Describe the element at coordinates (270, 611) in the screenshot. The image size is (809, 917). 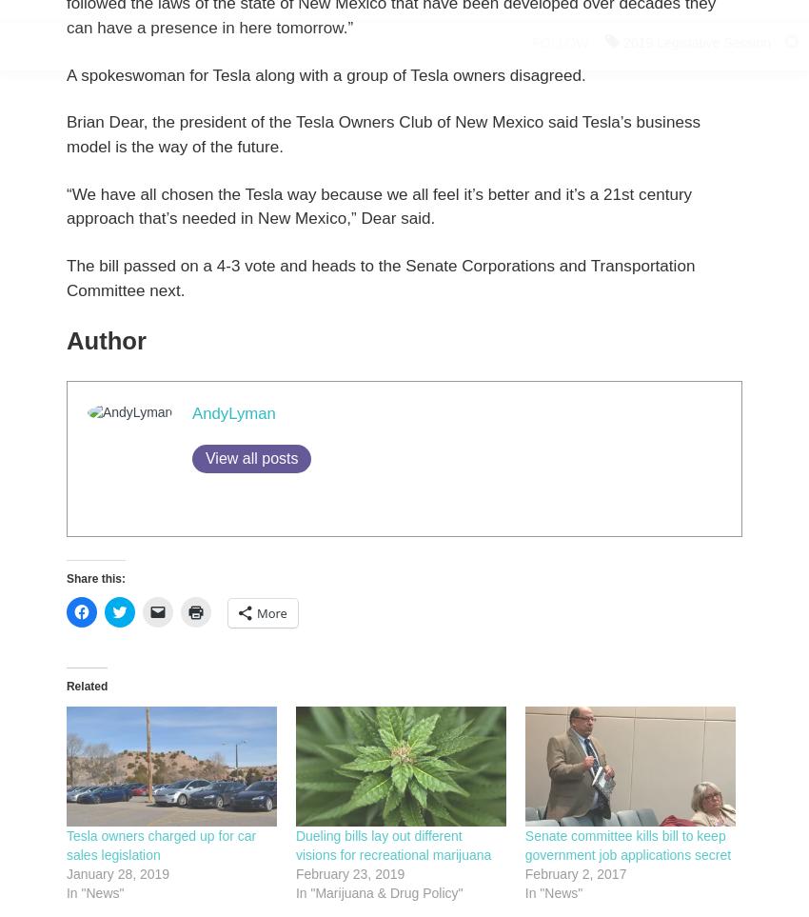
I see `'More'` at that location.